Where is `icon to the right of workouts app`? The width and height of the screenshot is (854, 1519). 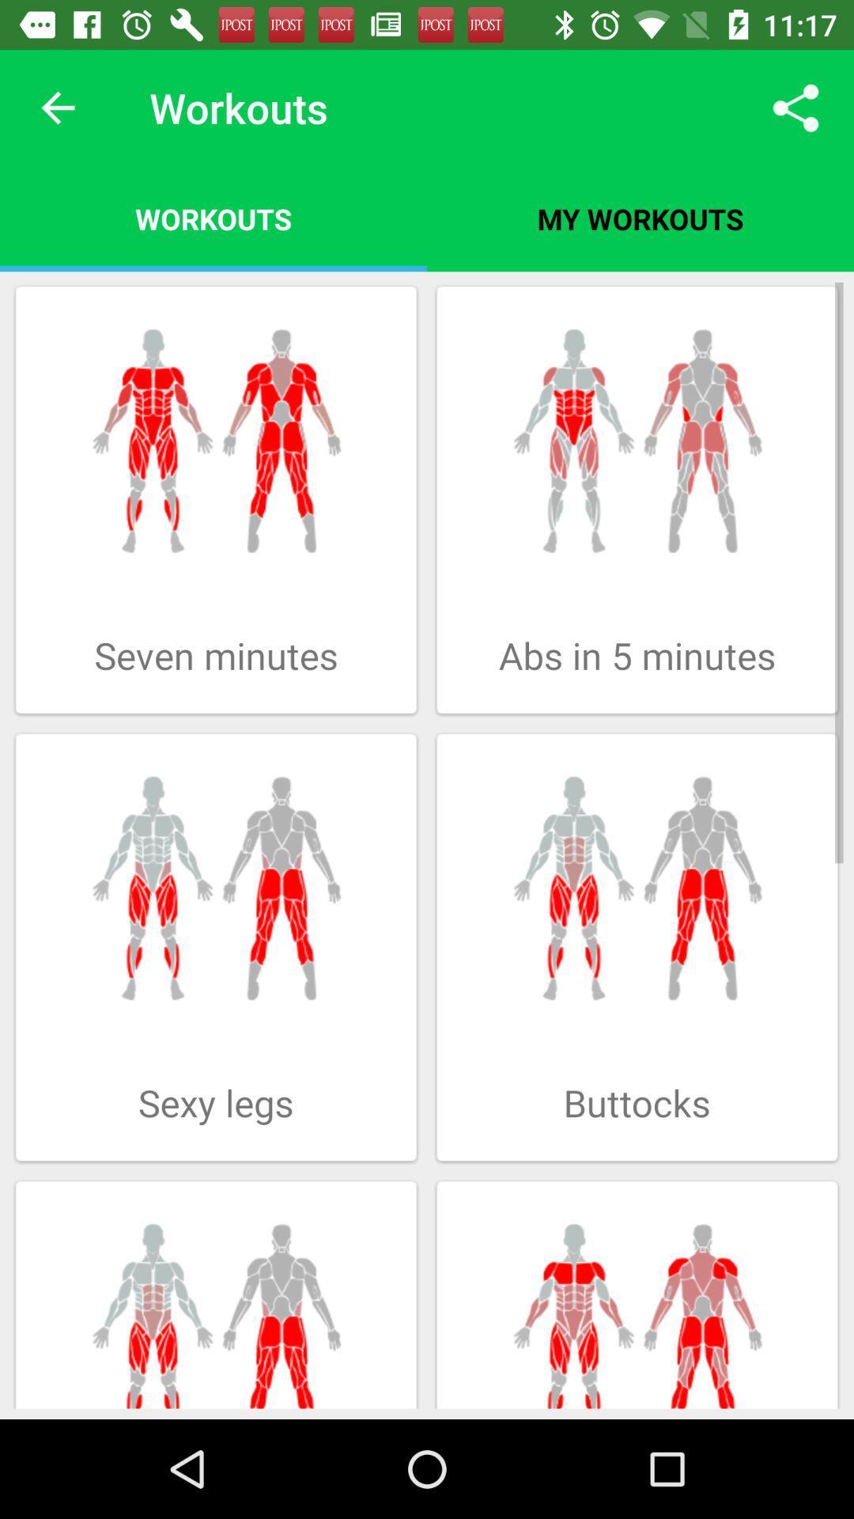 icon to the right of workouts app is located at coordinates (640, 218).